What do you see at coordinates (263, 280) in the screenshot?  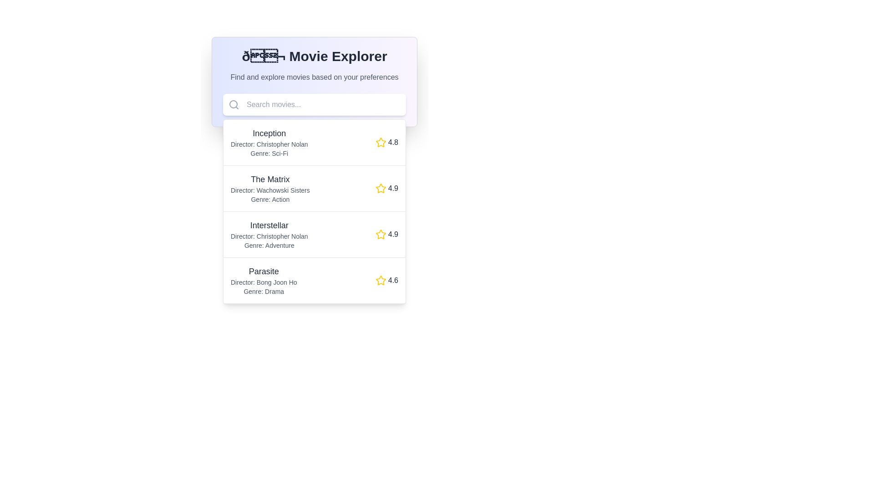 I see `text block displaying the movie title 'Parasite', along with its director and genre information, located in the 'Movie Explorer' interface` at bounding box center [263, 280].